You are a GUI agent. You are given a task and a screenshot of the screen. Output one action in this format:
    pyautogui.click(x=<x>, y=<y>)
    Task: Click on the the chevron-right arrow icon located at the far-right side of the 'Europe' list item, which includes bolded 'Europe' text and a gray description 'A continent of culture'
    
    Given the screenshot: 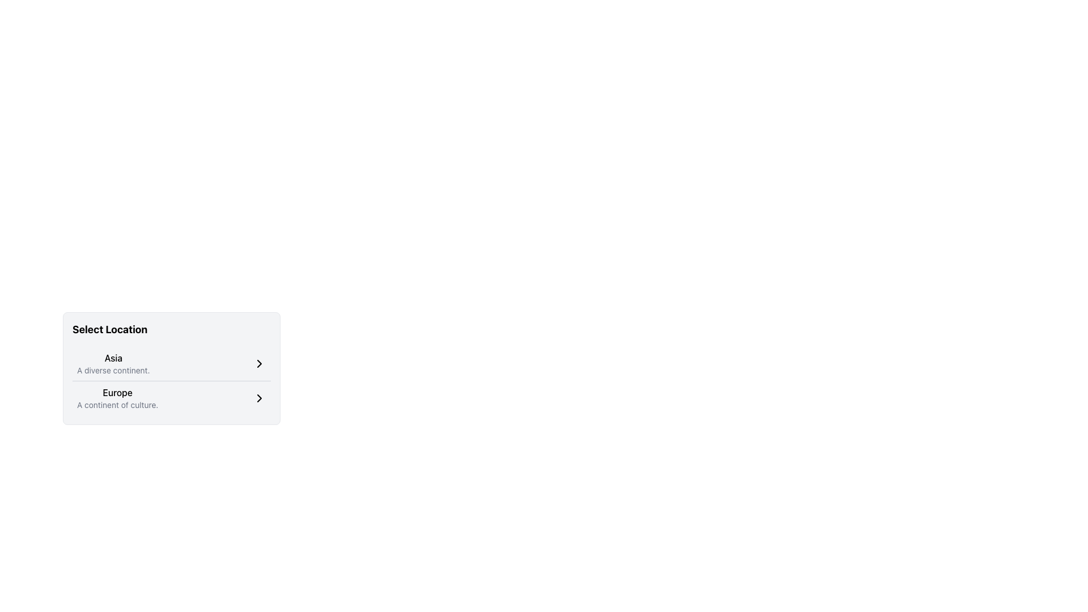 What is the action you would take?
    pyautogui.click(x=258, y=397)
    